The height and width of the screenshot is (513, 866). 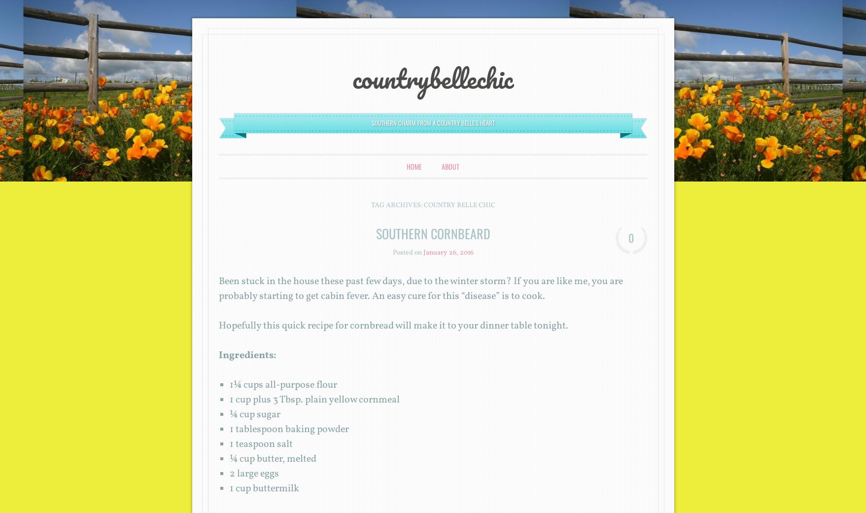 What do you see at coordinates (246, 356) in the screenshot?
I see `'Ingredients:'` at bounding box center [246, 356].